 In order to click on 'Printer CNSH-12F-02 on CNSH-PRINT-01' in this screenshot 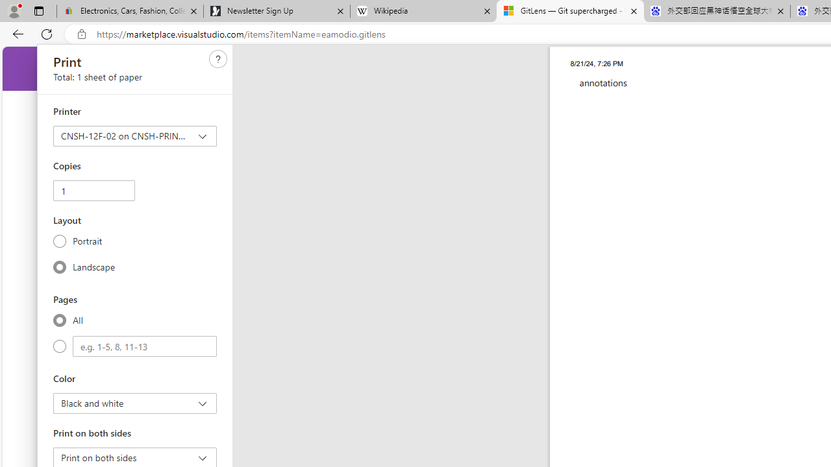, I will do `click(135, 136)`.